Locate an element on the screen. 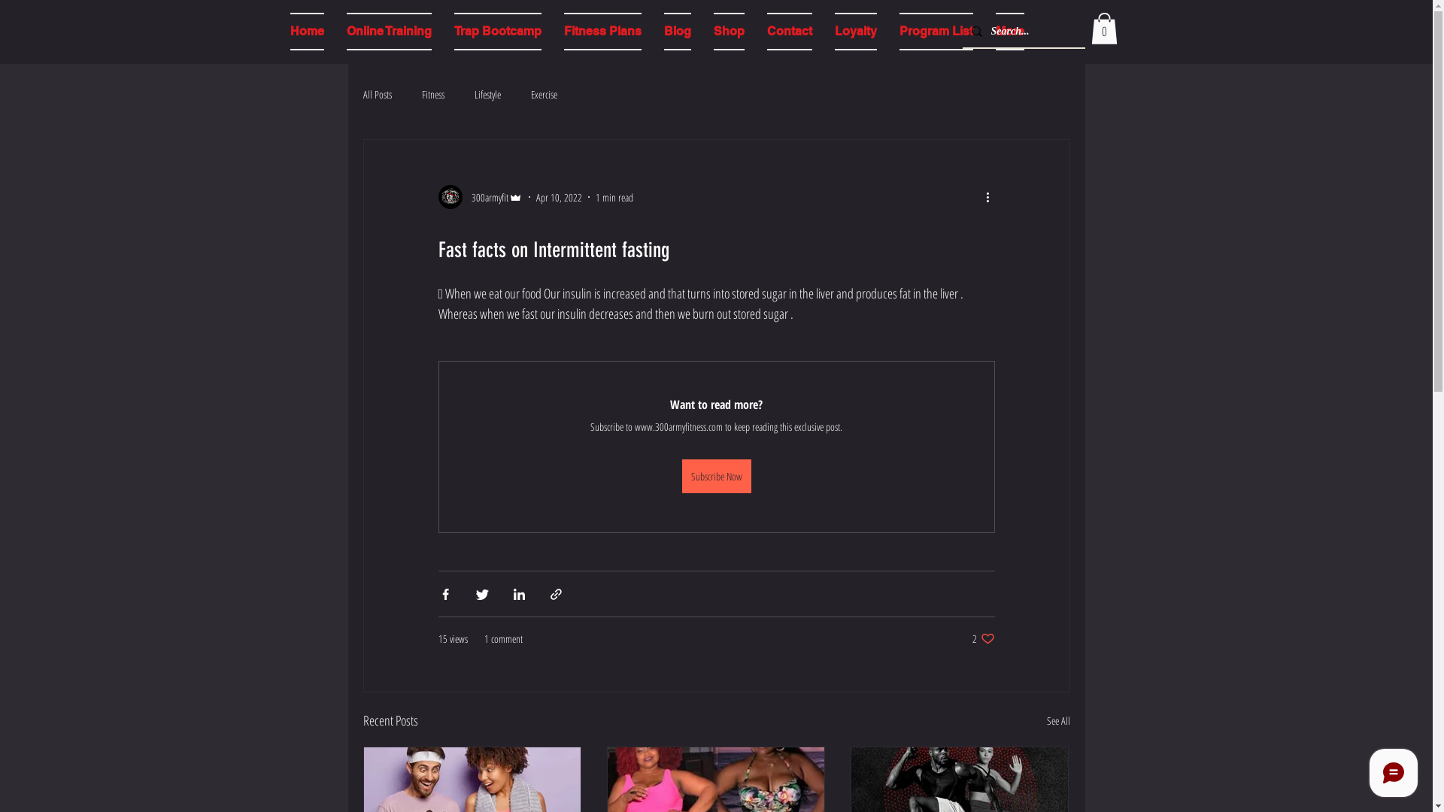 Image resolution: width=1444 pixels, height=812 pixels. 'Shop' is located at coordinates (702, 32).